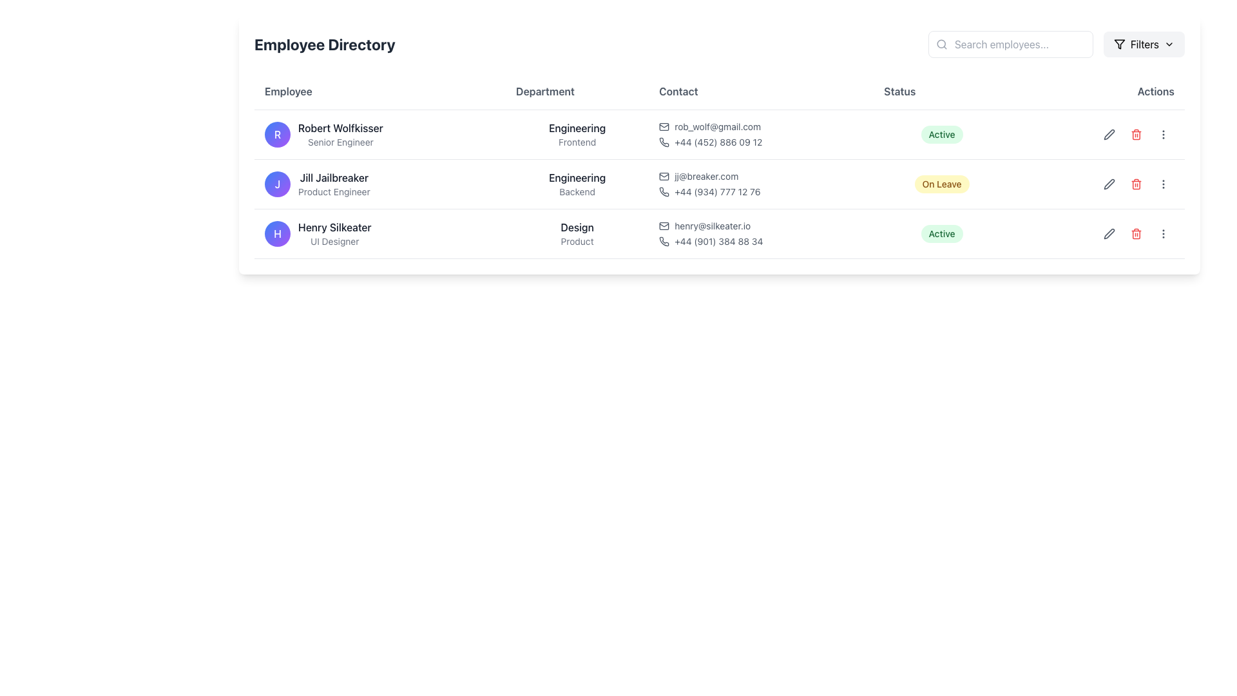 Image resolution: width=1237 pixels, height=696 pixels. Describe the element at coordinates (705, 176) in the screenshot. I see `email address displayed in the second row of the contact column in the table, which is next to an email icon` at that location.